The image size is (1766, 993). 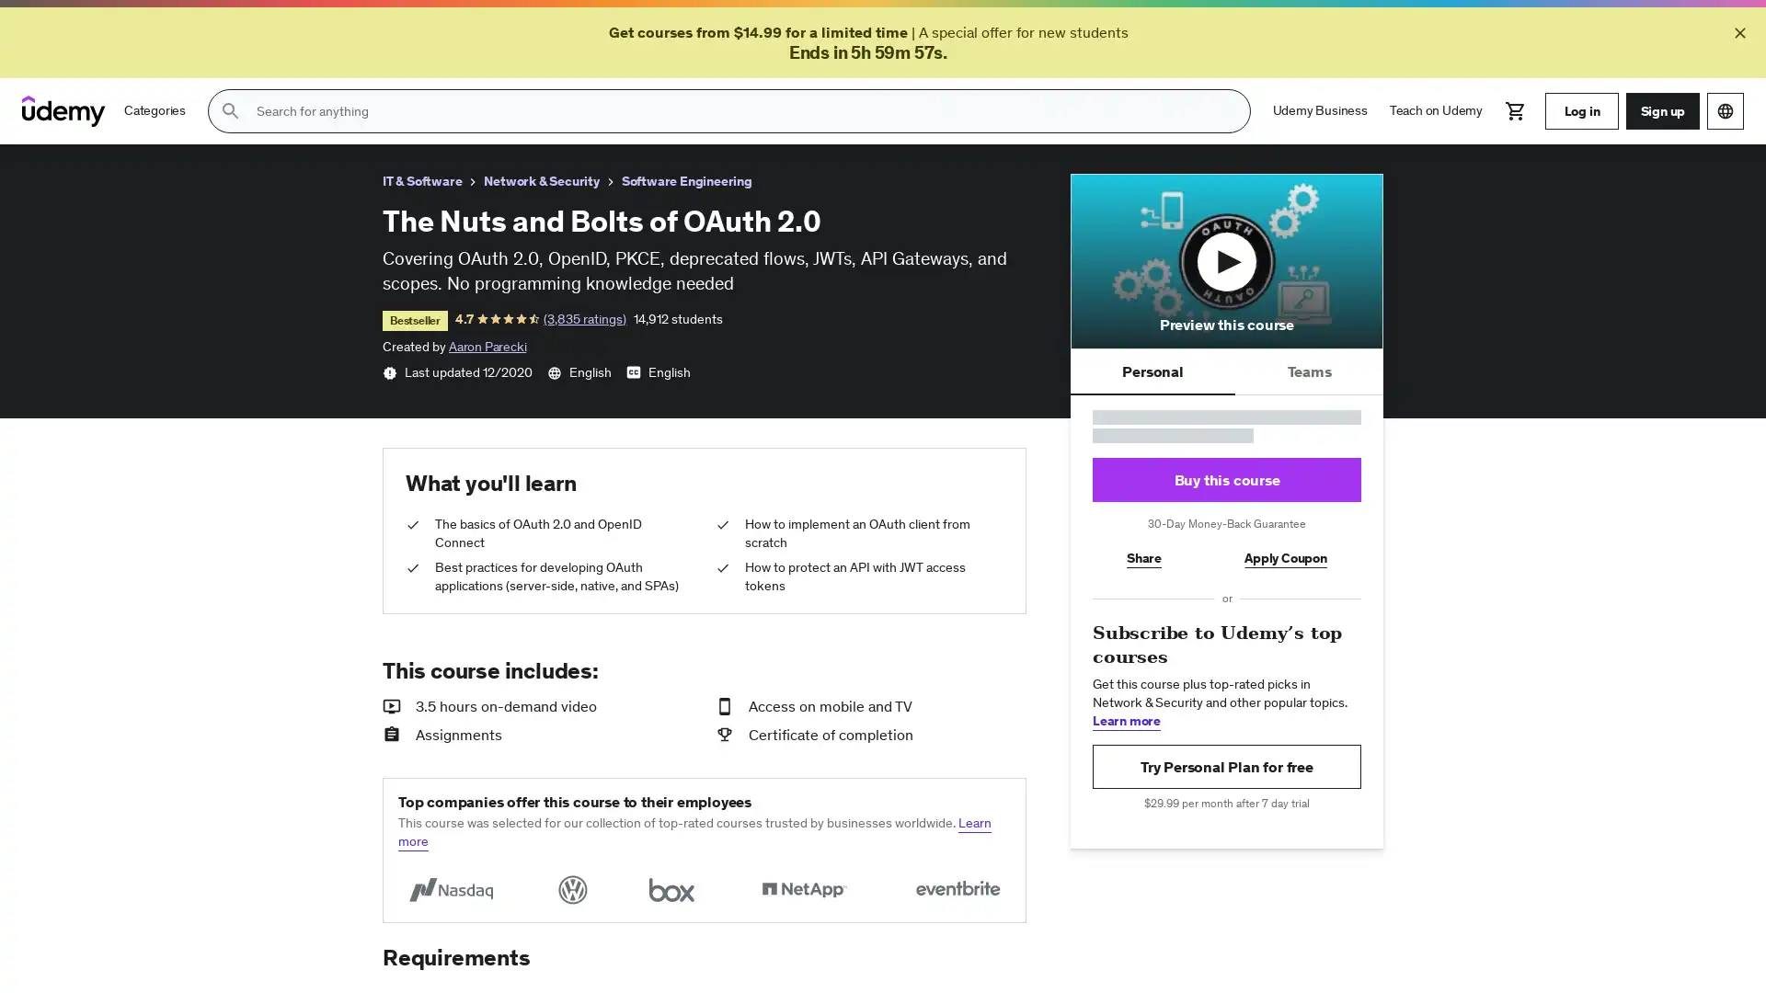 I want to click on Share, so click(x=1142, y=556).